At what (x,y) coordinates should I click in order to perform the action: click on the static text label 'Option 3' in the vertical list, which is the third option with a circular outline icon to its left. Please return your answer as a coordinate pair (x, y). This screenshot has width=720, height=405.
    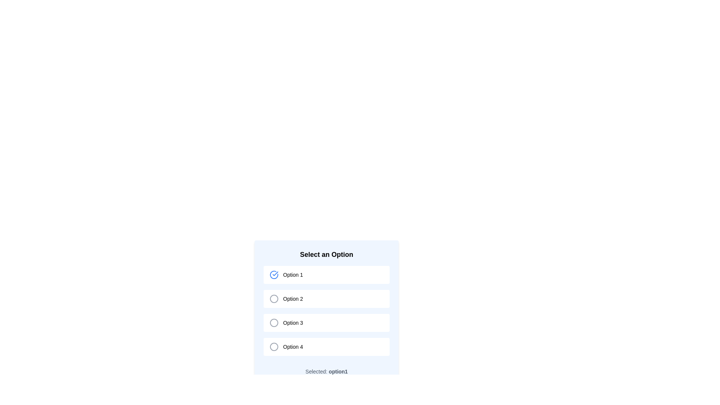
    Looking at the image, I should click on (292, 322).